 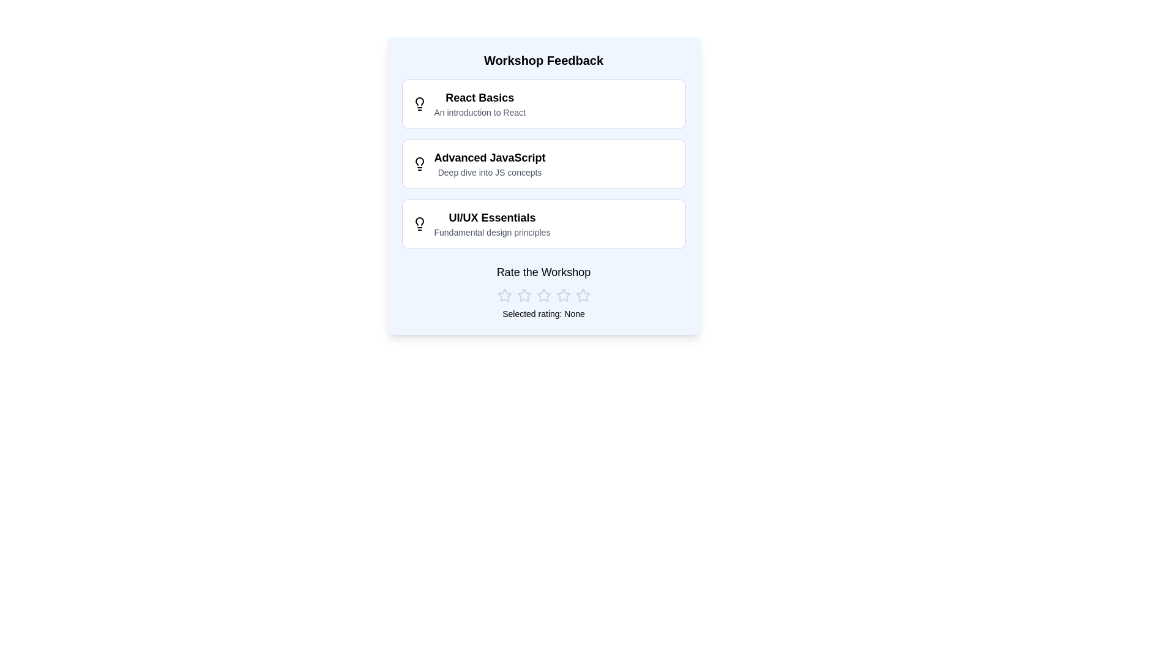 I want to click on the third star in the 5-star rating system under the 'Rate the Workshop' heading, so click(x=543, y=295).